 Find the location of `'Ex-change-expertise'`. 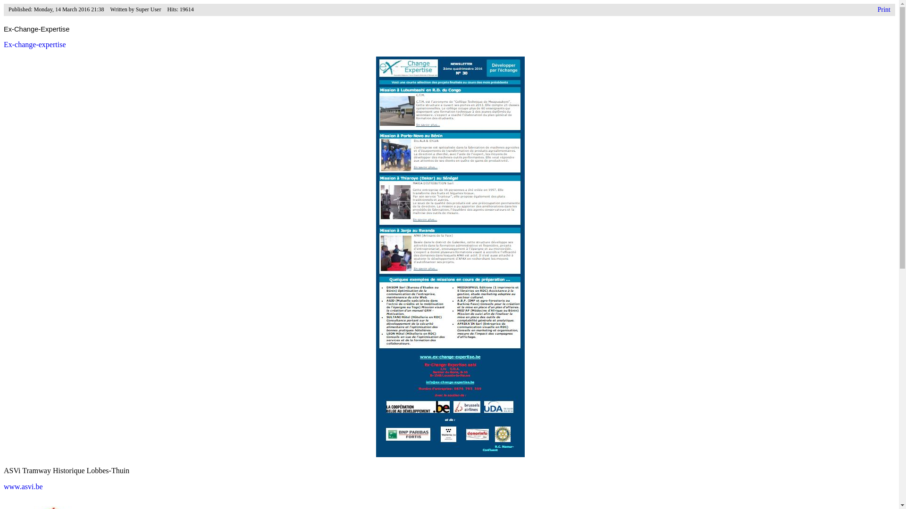

'Ex-change-expertise' is located at coordinates (34, 44).